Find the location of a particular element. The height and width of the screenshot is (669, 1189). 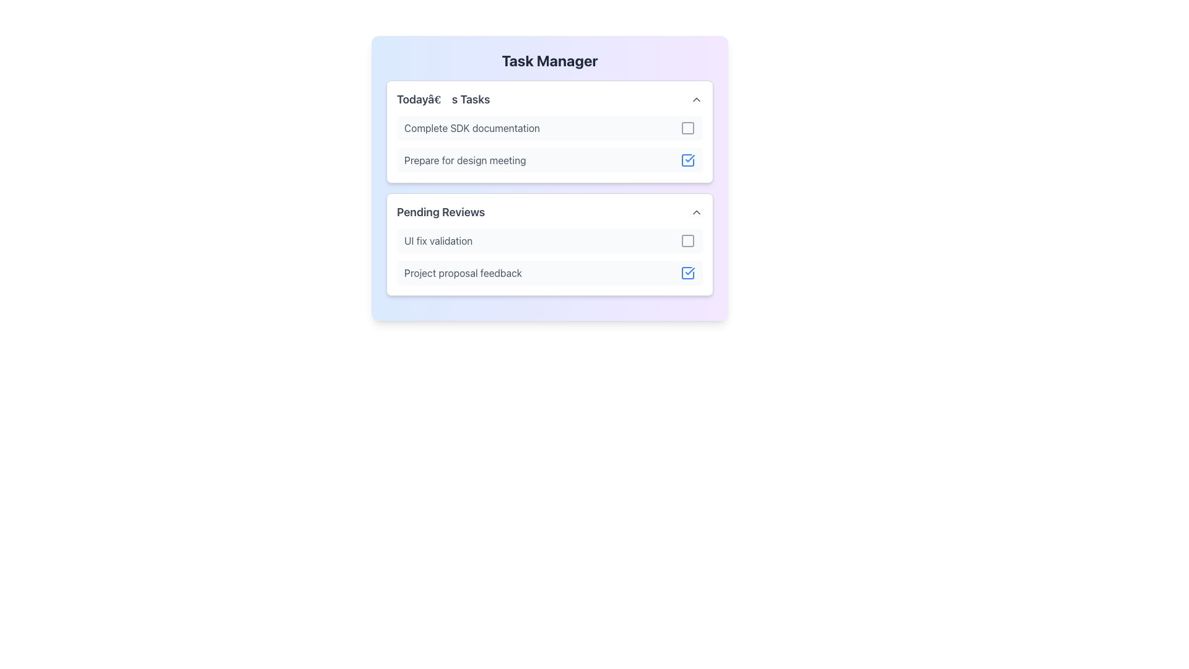

the checkbox in the 'Today's Tasks' section next to 'Complete SDK documentation' is located at coordinates (687, 128).